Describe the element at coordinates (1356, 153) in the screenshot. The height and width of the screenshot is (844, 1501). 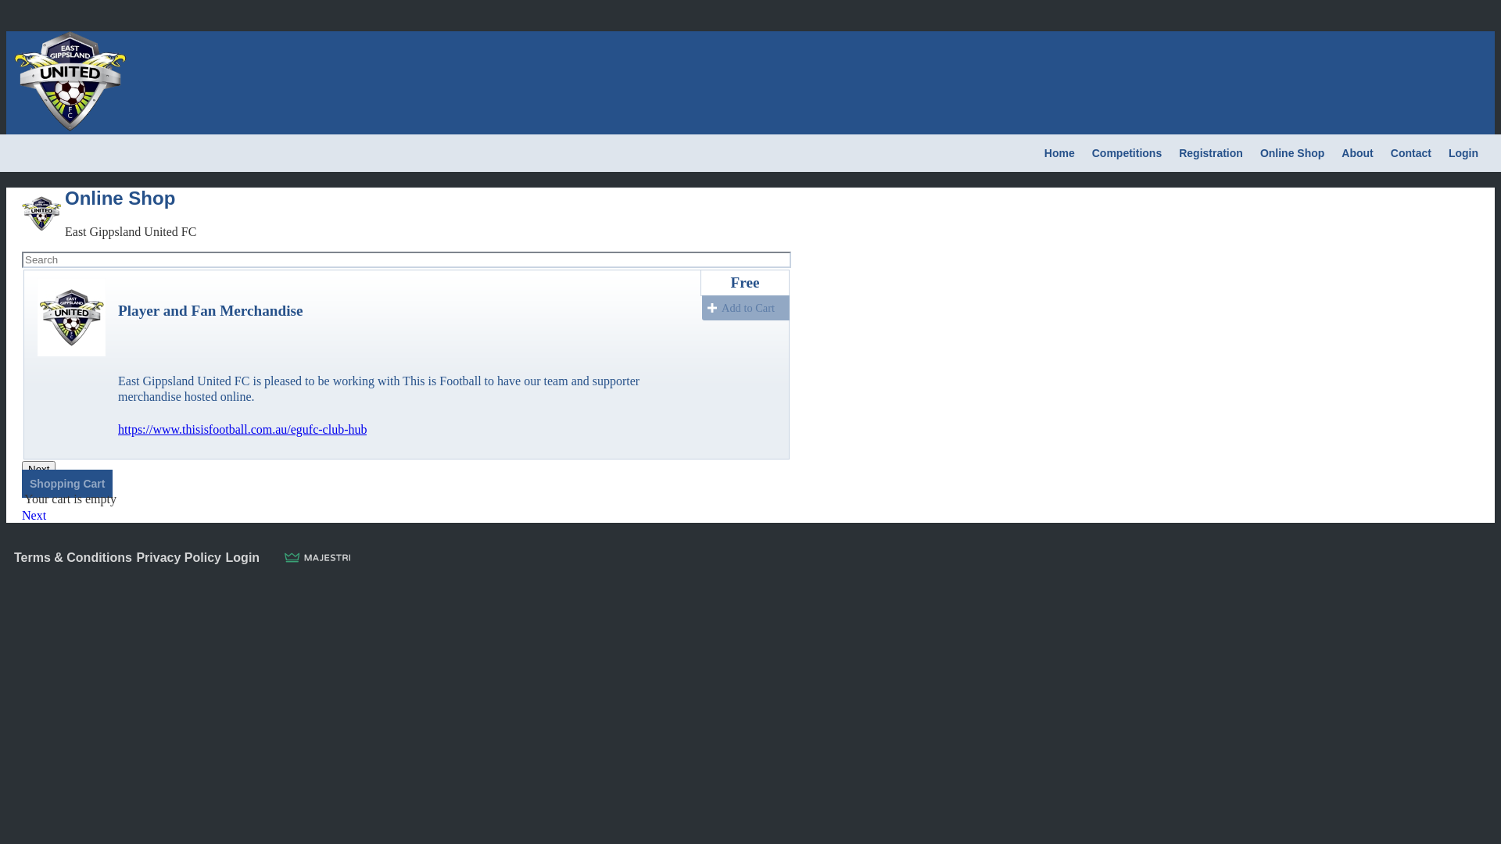
I see `'About'` at that location.